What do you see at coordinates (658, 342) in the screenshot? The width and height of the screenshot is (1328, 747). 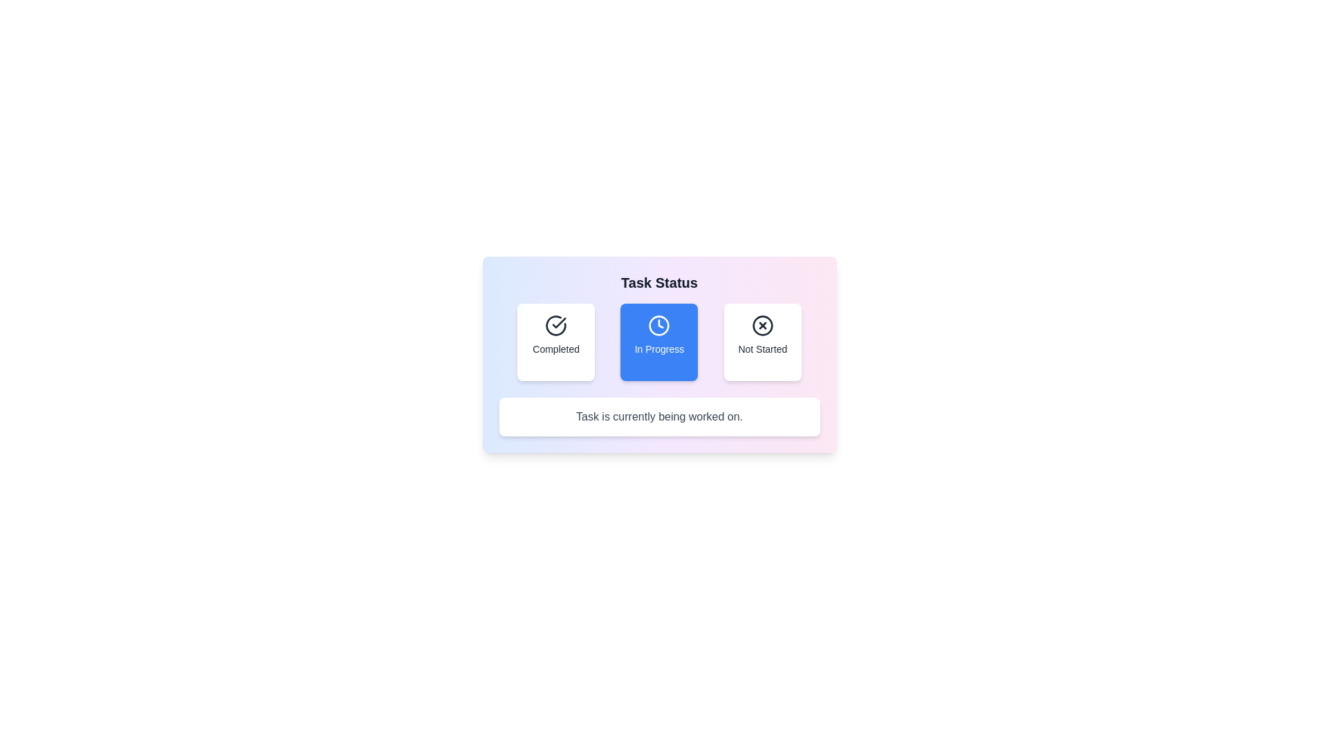 I see `the status button corresponding to In Progress` at bounding box center [658, 342].